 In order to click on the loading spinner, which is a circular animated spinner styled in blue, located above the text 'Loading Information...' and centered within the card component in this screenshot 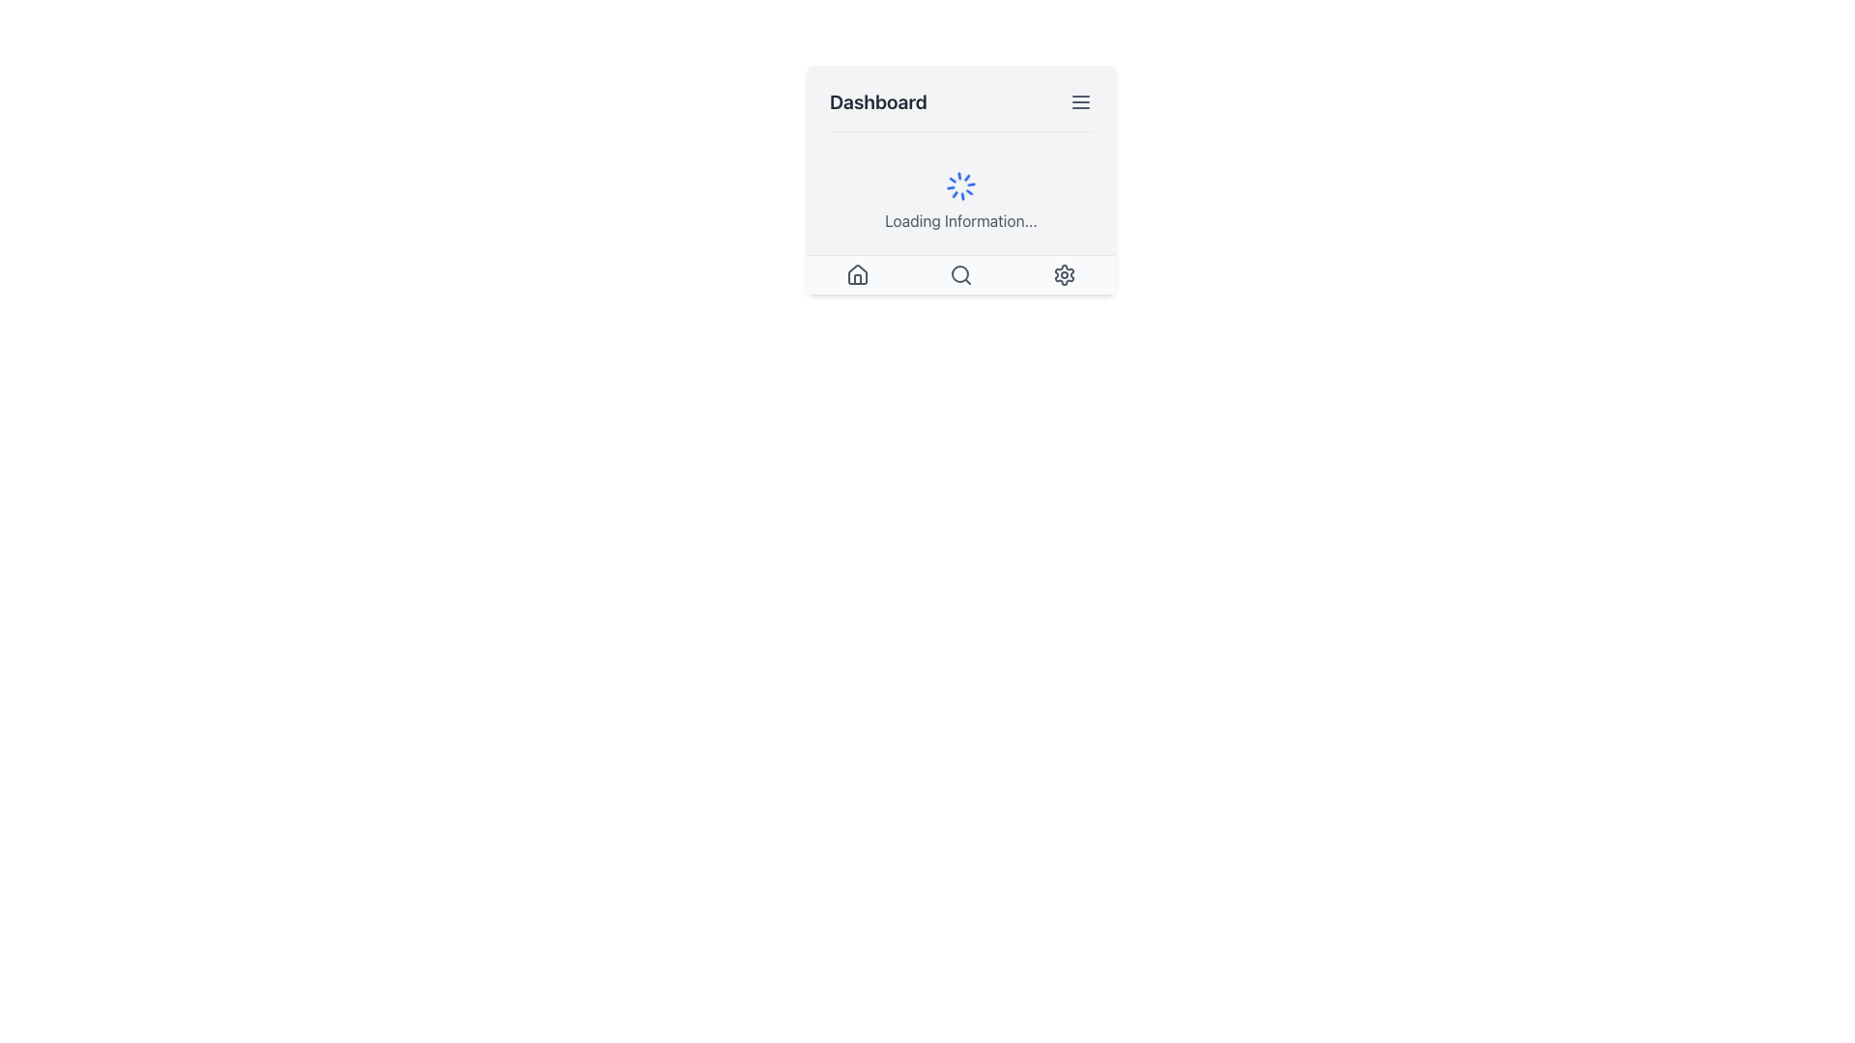, I will do `click(960, 185)`.